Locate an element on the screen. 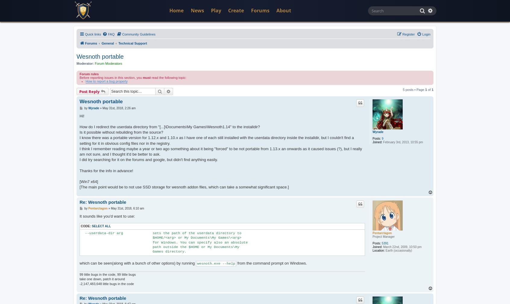 The height and width of the screenshot is (304, 510). 'May 31st, 2018, 6:10 am' is located at coordinates (127, 208).